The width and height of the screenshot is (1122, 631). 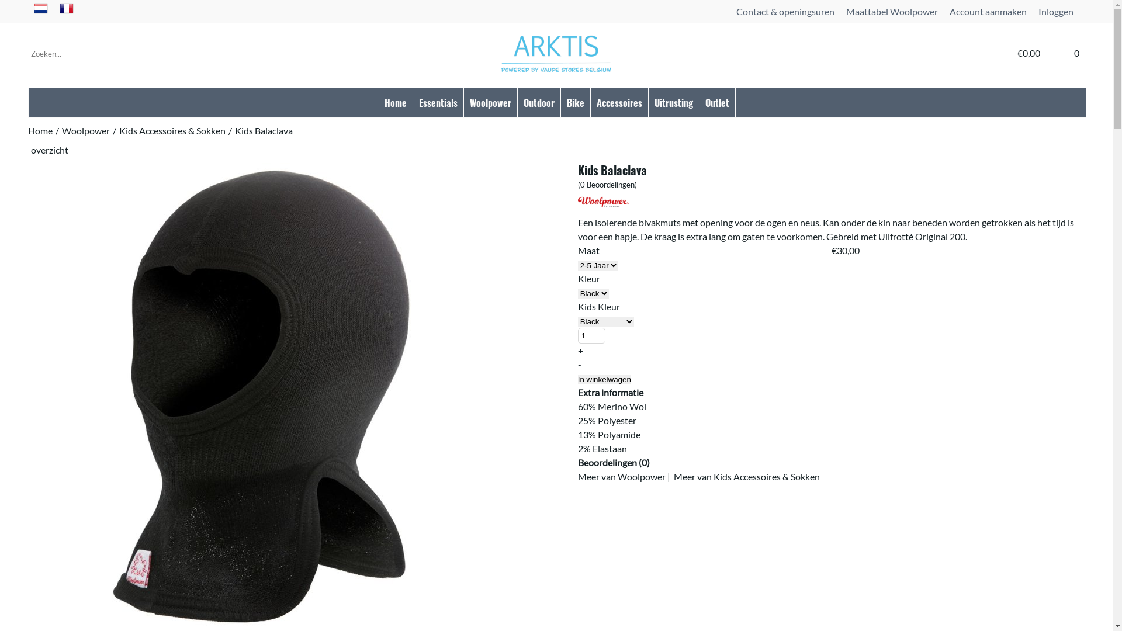 What do you see at coordinates (604, 379) in the screenshot?
I see `'In winkelwagen'` at bounding box center [604, 379].